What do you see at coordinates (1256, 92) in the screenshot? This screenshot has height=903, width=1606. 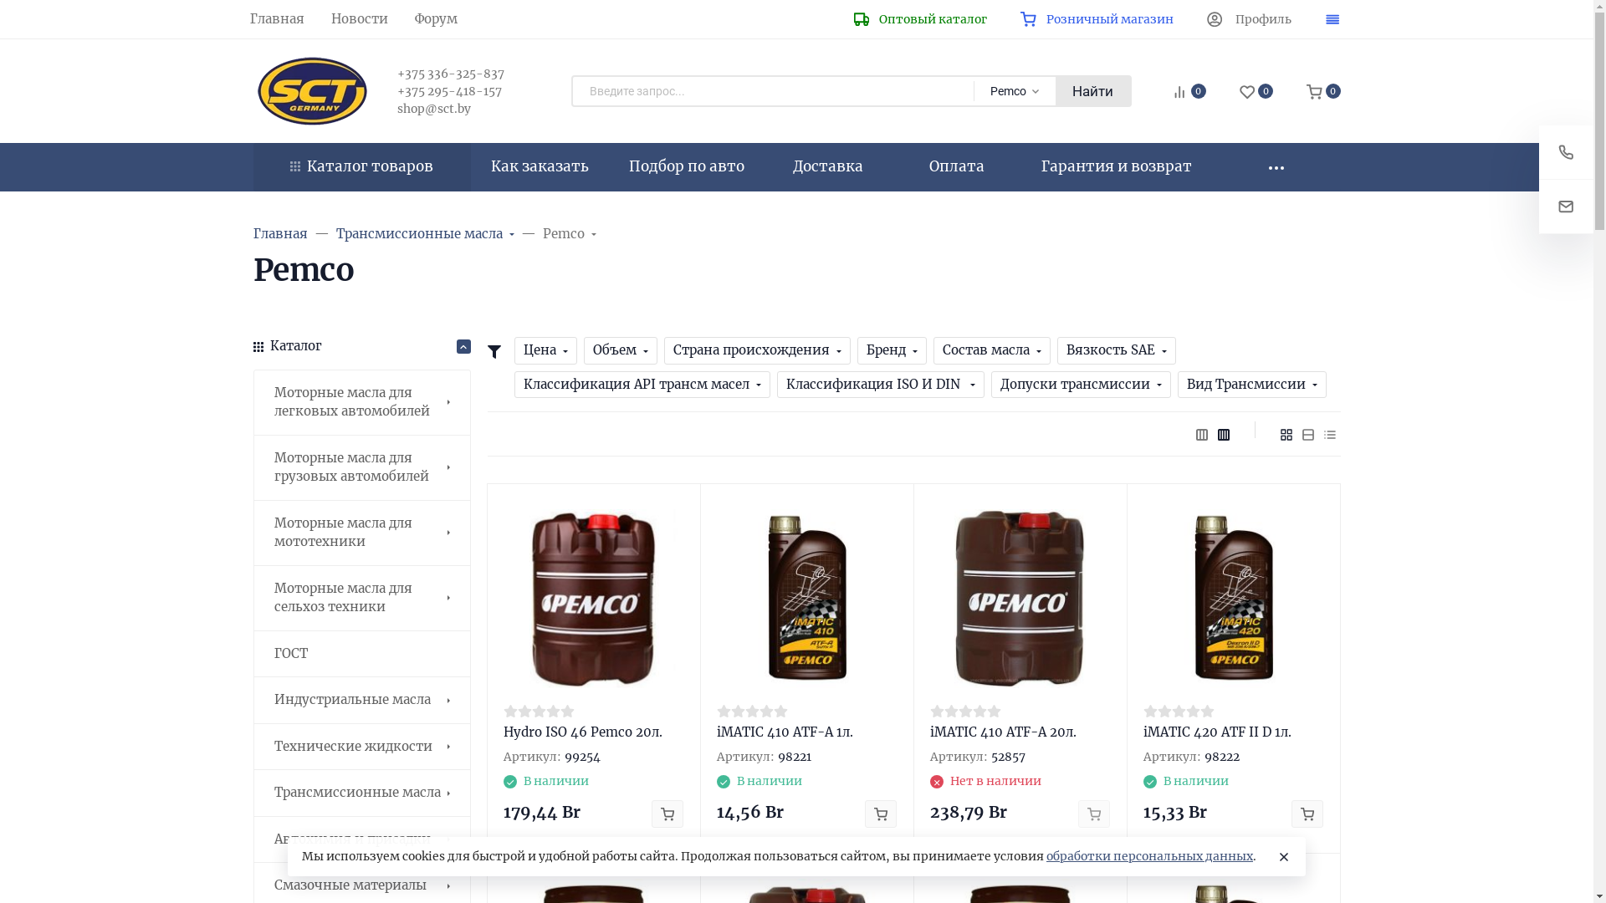 I see `'0'` at bounding box center [1256, 92].